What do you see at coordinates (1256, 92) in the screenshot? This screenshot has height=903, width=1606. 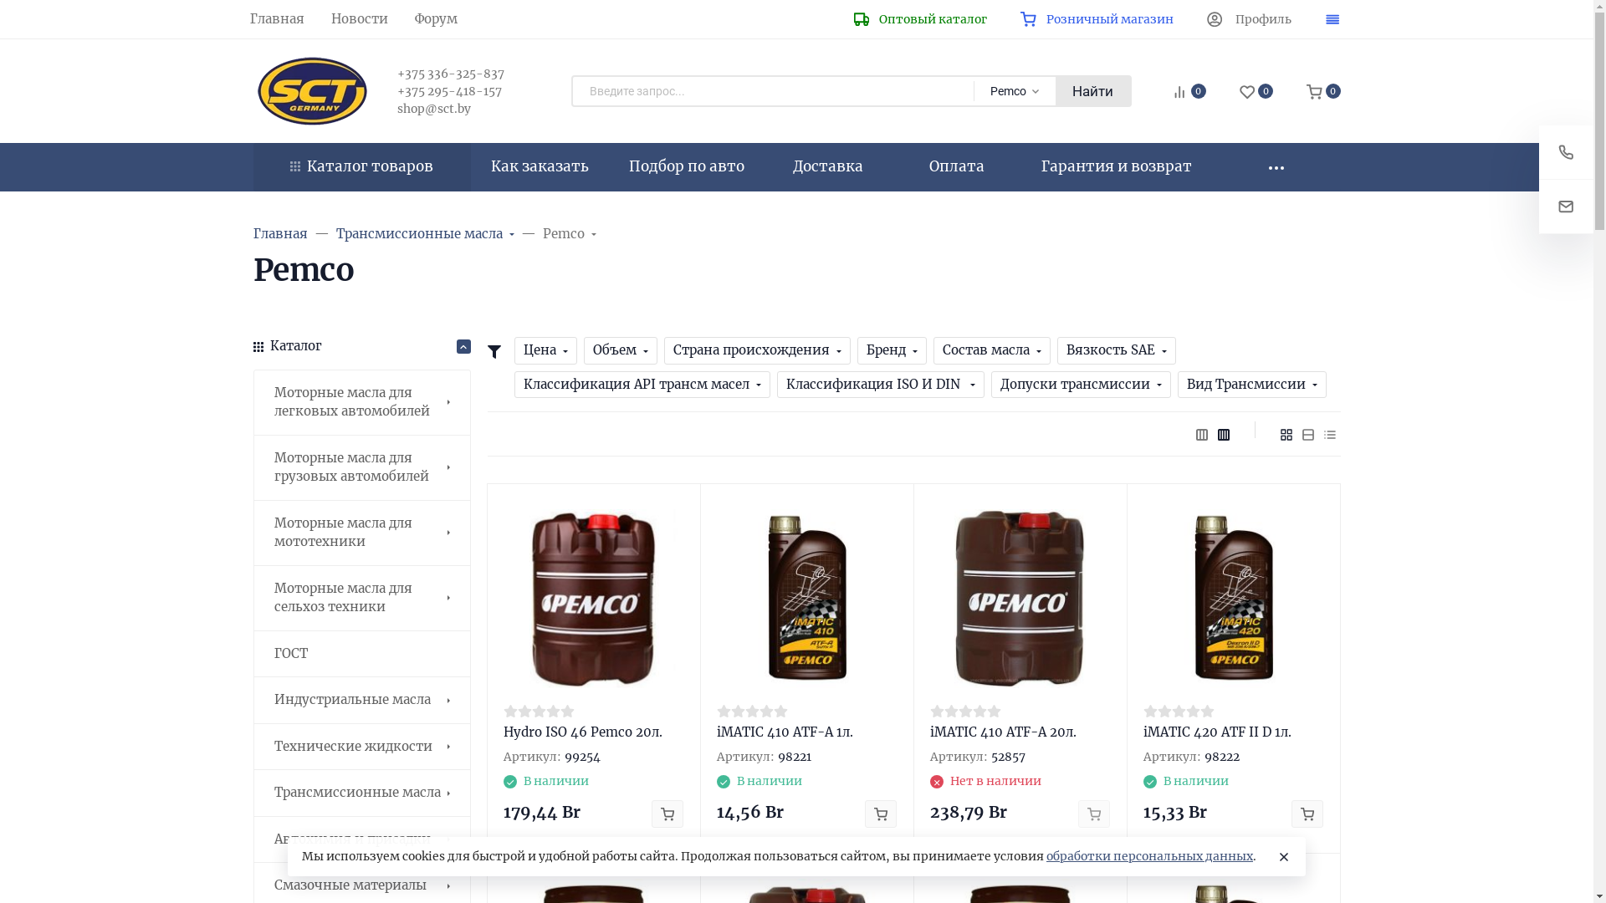 I see `'0'` at bounding box center [1256, 92].